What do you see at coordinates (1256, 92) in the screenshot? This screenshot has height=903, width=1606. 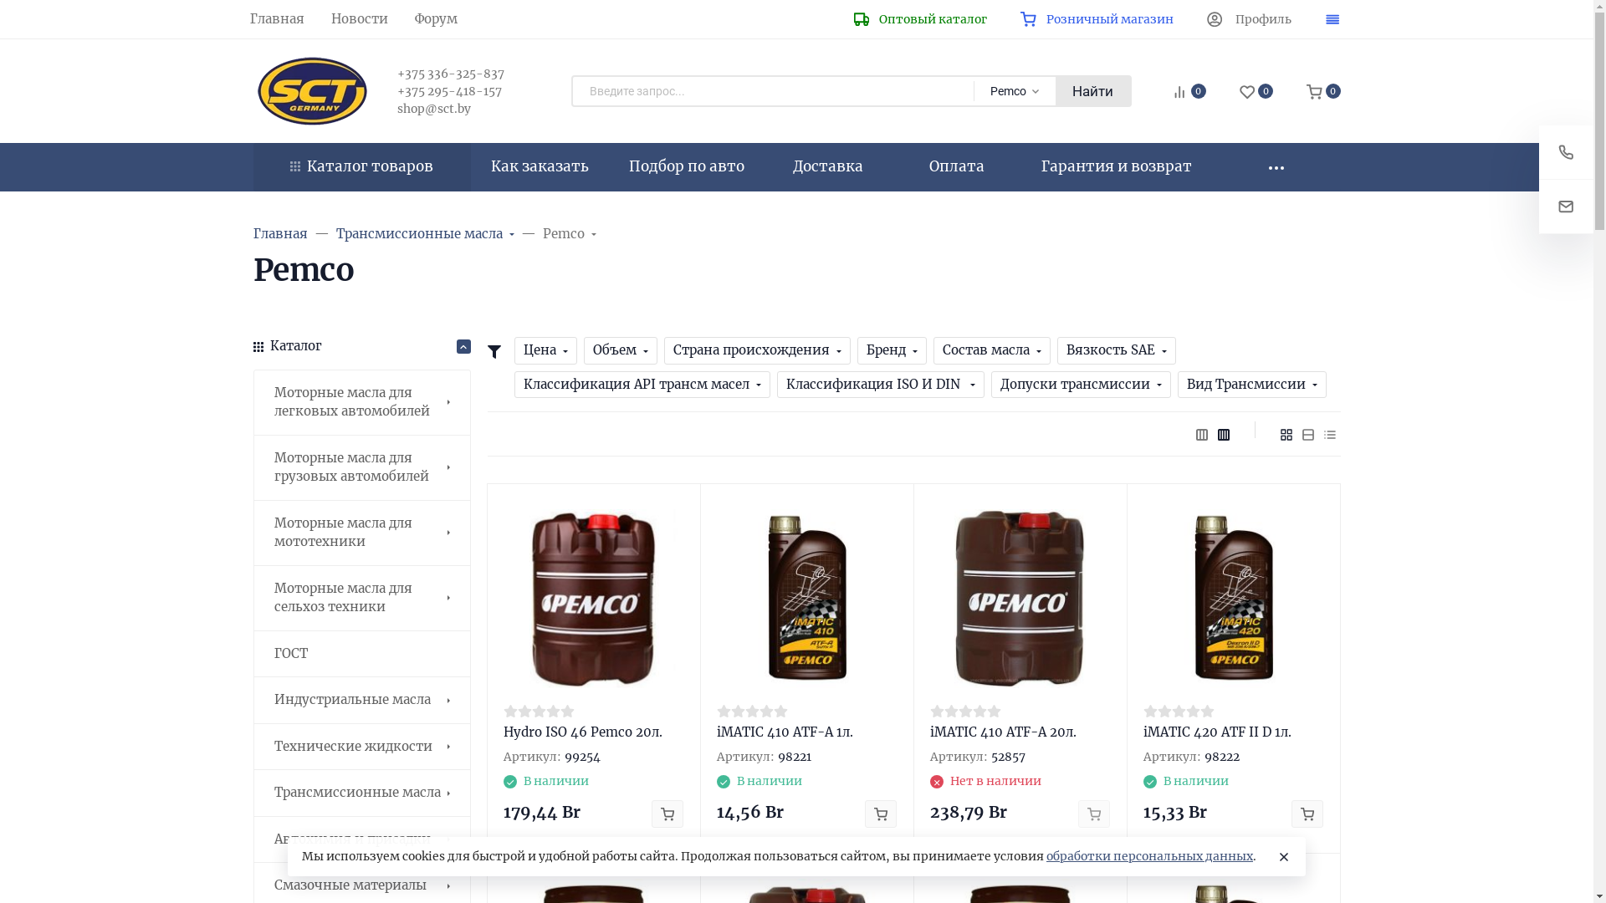 I see `'0'` at bounding box center [1256, 92].